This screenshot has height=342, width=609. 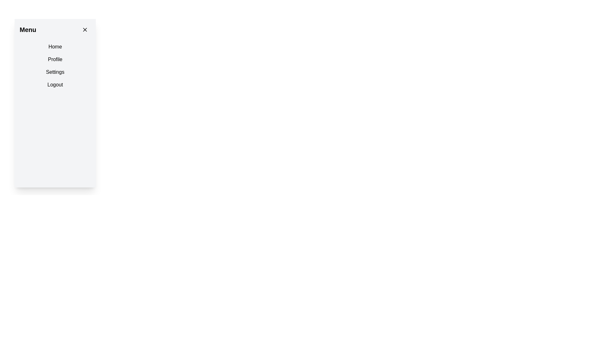 I want to click on the graphical cross mark (Close Button) in the top-right corner of the menu panel, so click(x=85, y=29).